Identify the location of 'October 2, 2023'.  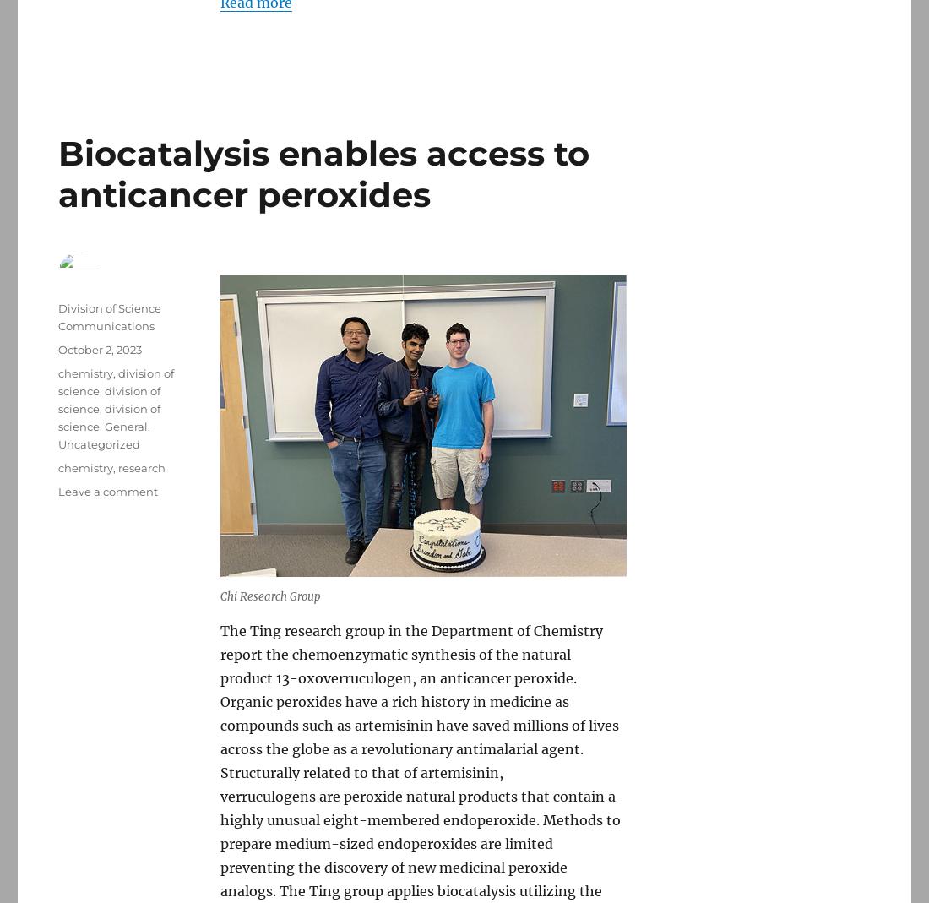
(100, 348).